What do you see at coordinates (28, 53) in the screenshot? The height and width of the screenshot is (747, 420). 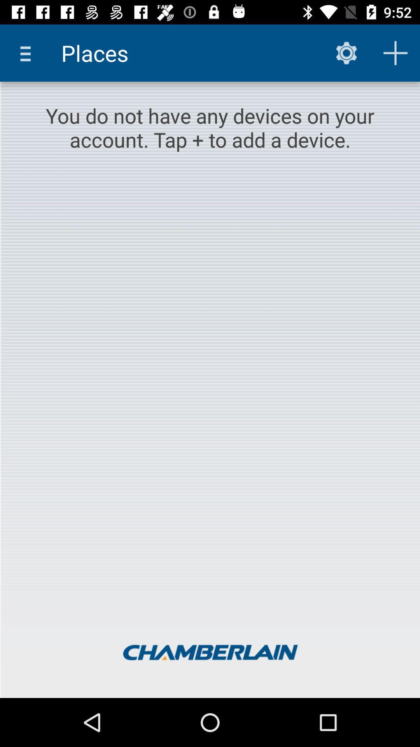 I see `item above the you do not item` at bounding box center [28, 53].